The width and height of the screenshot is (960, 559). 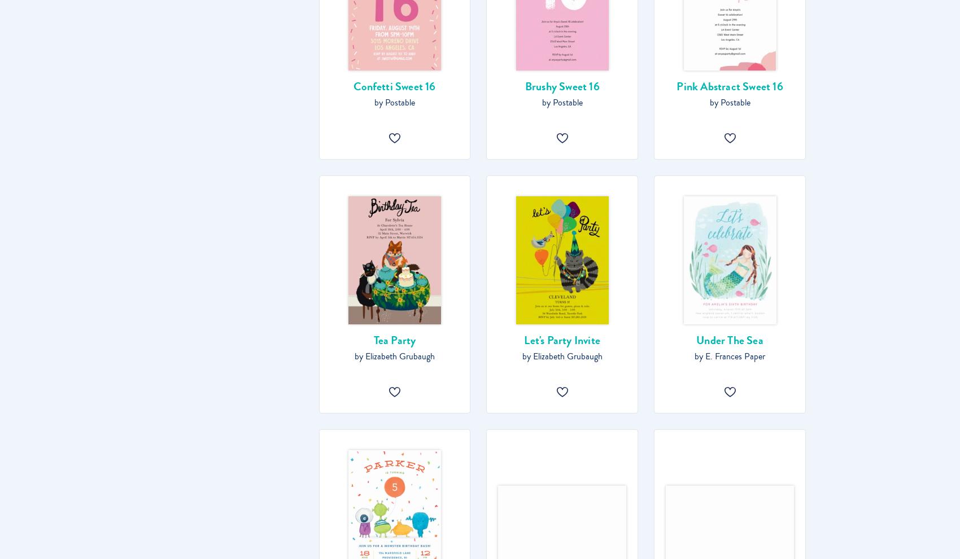 What do you see at coordinates (735, 355) in the screenshot?
I see `'E. Frances Paper'` at bounding box center [735, 355].